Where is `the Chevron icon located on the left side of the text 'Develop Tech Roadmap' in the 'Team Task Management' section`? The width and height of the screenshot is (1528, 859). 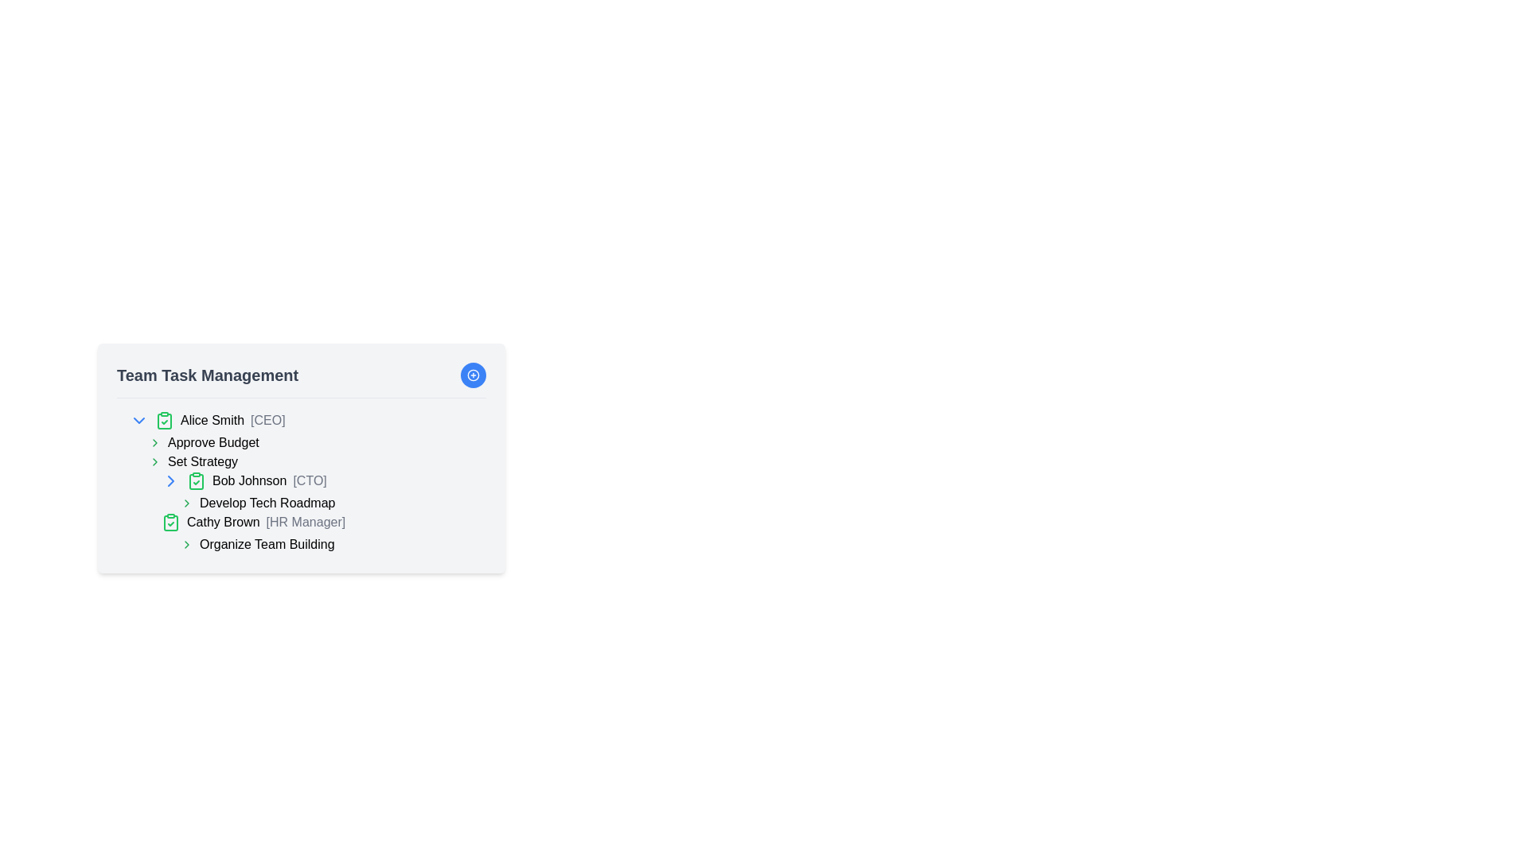
the Chevron icon located on the left side of the text 'Develop Tech Roadmap' in the 'Team Task Management' section is located at coordinates (187, 503).